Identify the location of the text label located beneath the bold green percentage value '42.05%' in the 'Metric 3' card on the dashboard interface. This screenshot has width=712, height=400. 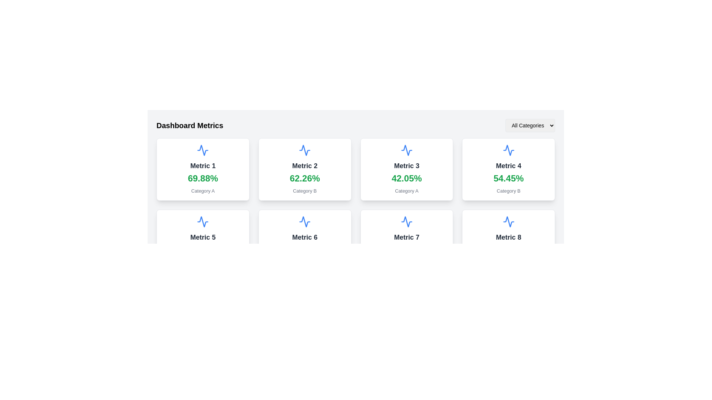
(406, 190).